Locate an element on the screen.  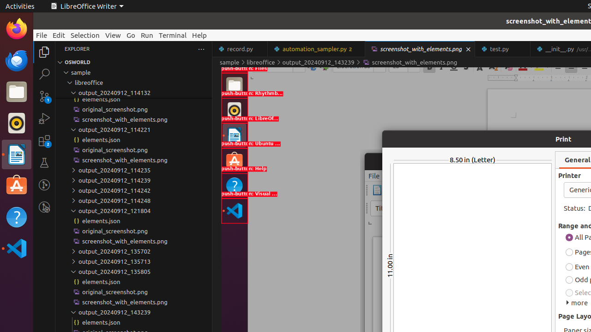
'Firefox Web Browser' is located at coordinates (16, 28).